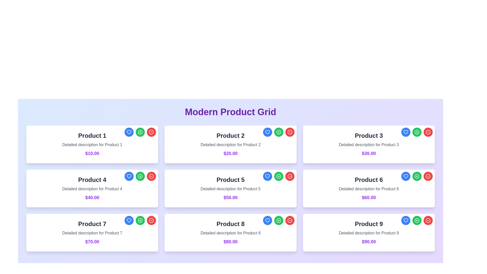 The width and height of the screenshot is (487, 274). I want to click on the heart-shaped icon with a blue outline located in the top-right corner of the card labeled 'Product 8', so click(129, 176).